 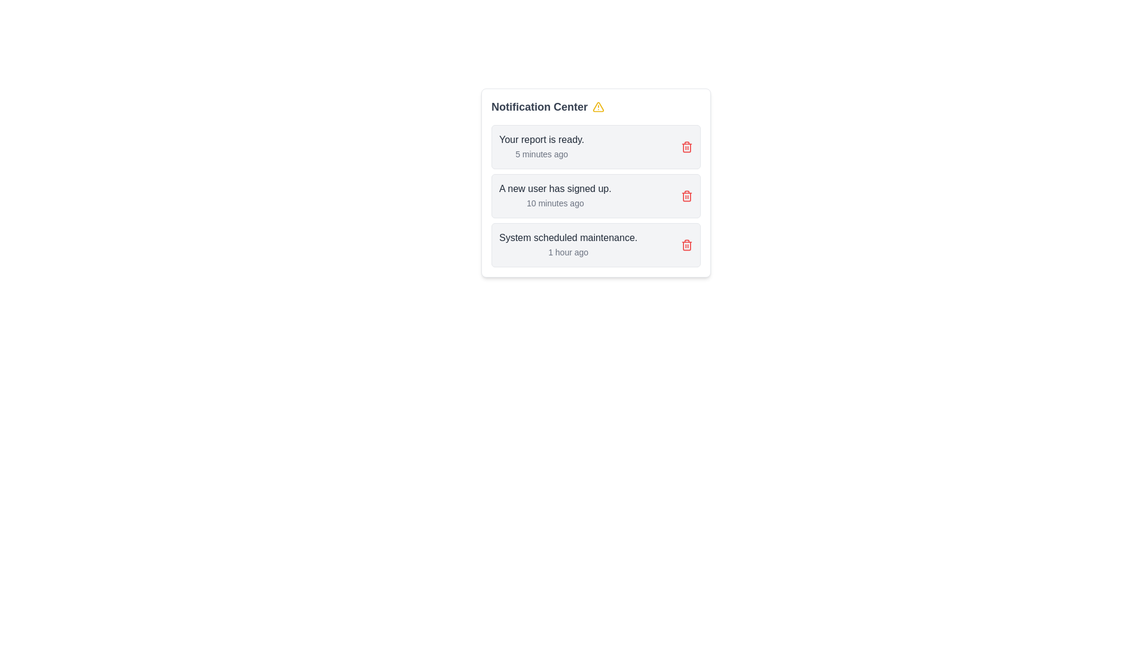 What do you see at coordinates (686, 196) in the screenshot?
I see `the appearance of the trash icon component located near the right end of the second notification item in the Notification Center list` at bounding box center [686, 196].